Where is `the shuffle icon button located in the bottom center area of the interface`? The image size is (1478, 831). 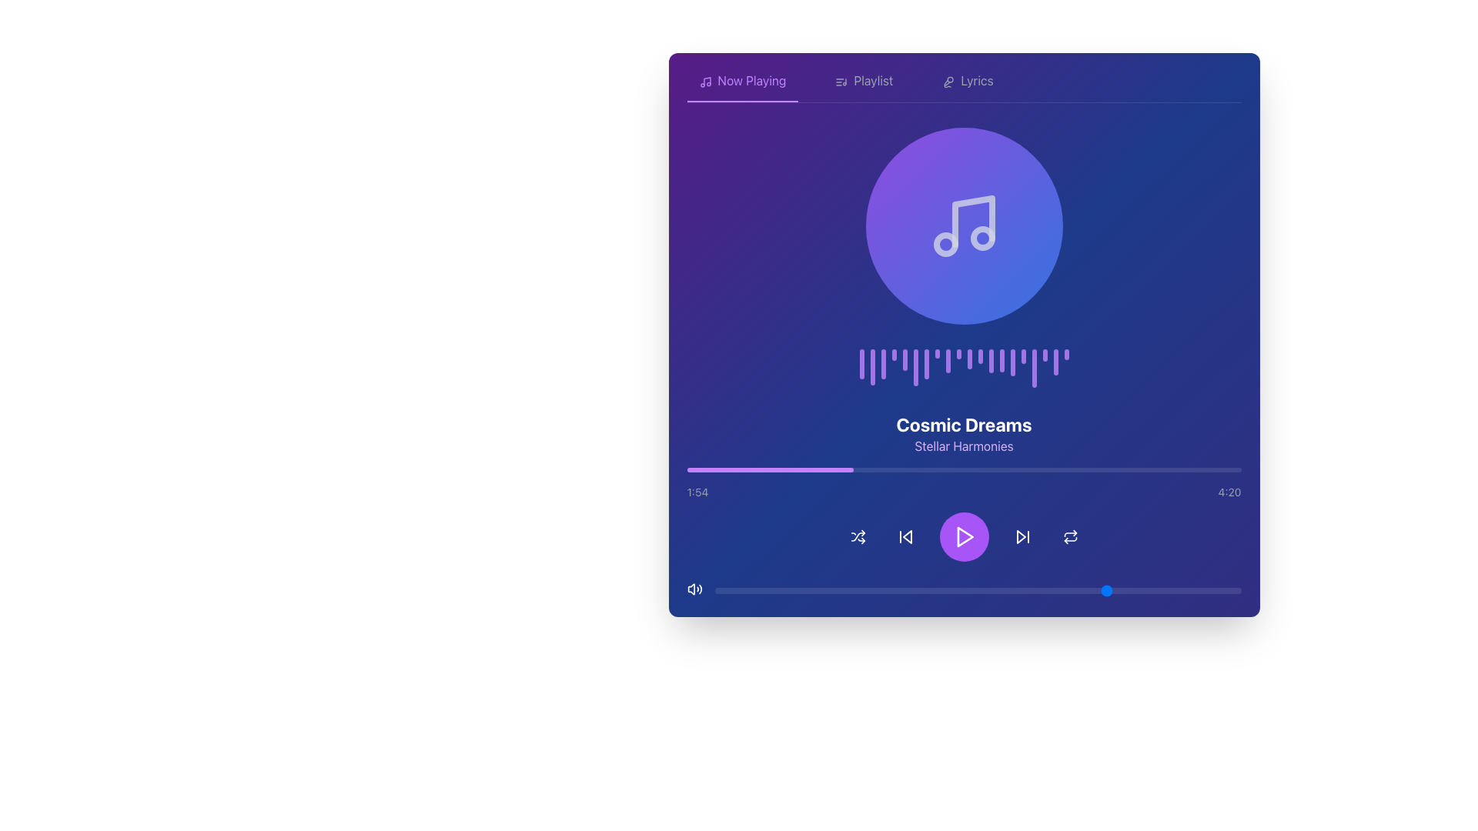
the shuffle icon button located in the bottom center area of the interface is located at coordinates (857, 536).